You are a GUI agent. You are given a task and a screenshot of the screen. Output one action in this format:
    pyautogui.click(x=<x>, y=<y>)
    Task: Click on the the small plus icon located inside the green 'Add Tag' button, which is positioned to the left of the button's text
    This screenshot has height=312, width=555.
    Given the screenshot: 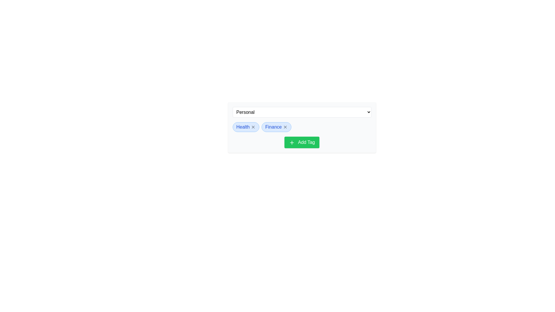 What is the action you would take?
    pyautogui.click(x=292, y=142)
    